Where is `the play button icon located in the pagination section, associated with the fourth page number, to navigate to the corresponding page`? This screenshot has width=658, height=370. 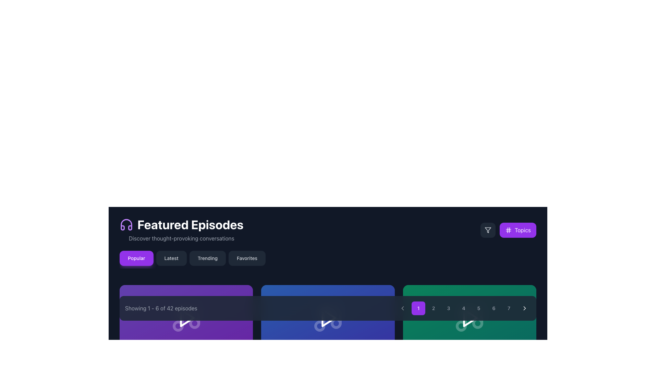
the play button icon located in the pagination section, associated with the fourth page number, to navigate to the corresponding page is located at coordinates (470, 318).